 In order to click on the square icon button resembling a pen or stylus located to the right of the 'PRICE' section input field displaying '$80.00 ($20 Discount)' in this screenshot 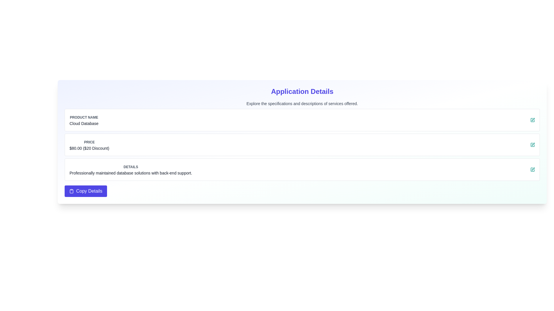, I will do `click(532, 144)`.